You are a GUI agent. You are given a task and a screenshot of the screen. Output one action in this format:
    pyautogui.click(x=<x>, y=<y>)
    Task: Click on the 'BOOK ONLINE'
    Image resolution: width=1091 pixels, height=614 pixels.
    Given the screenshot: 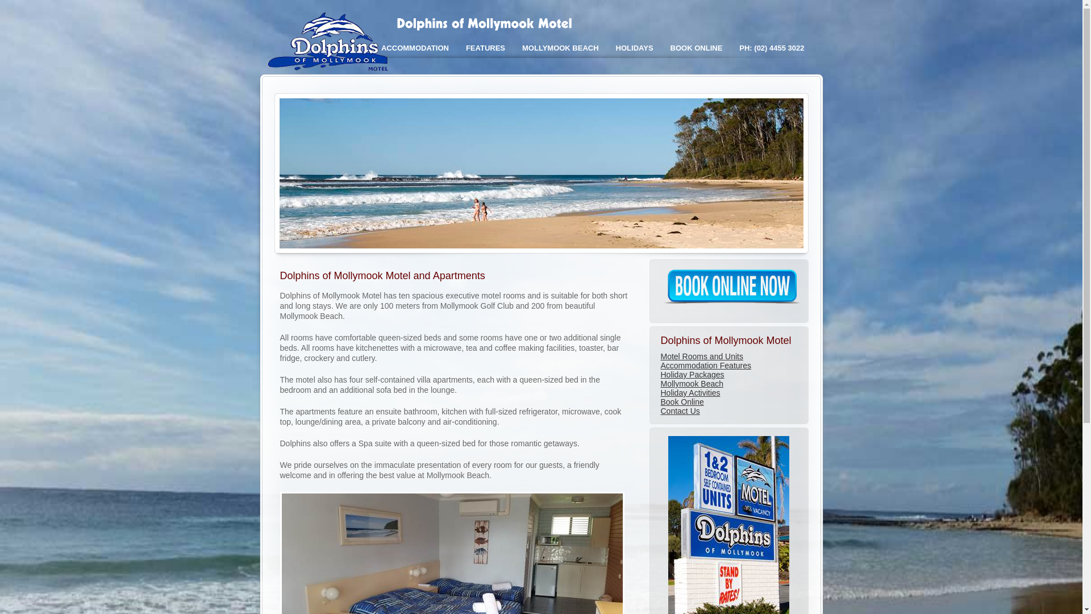 What is the action you would take?
    pyautogui.click(x=696, y=47)
    